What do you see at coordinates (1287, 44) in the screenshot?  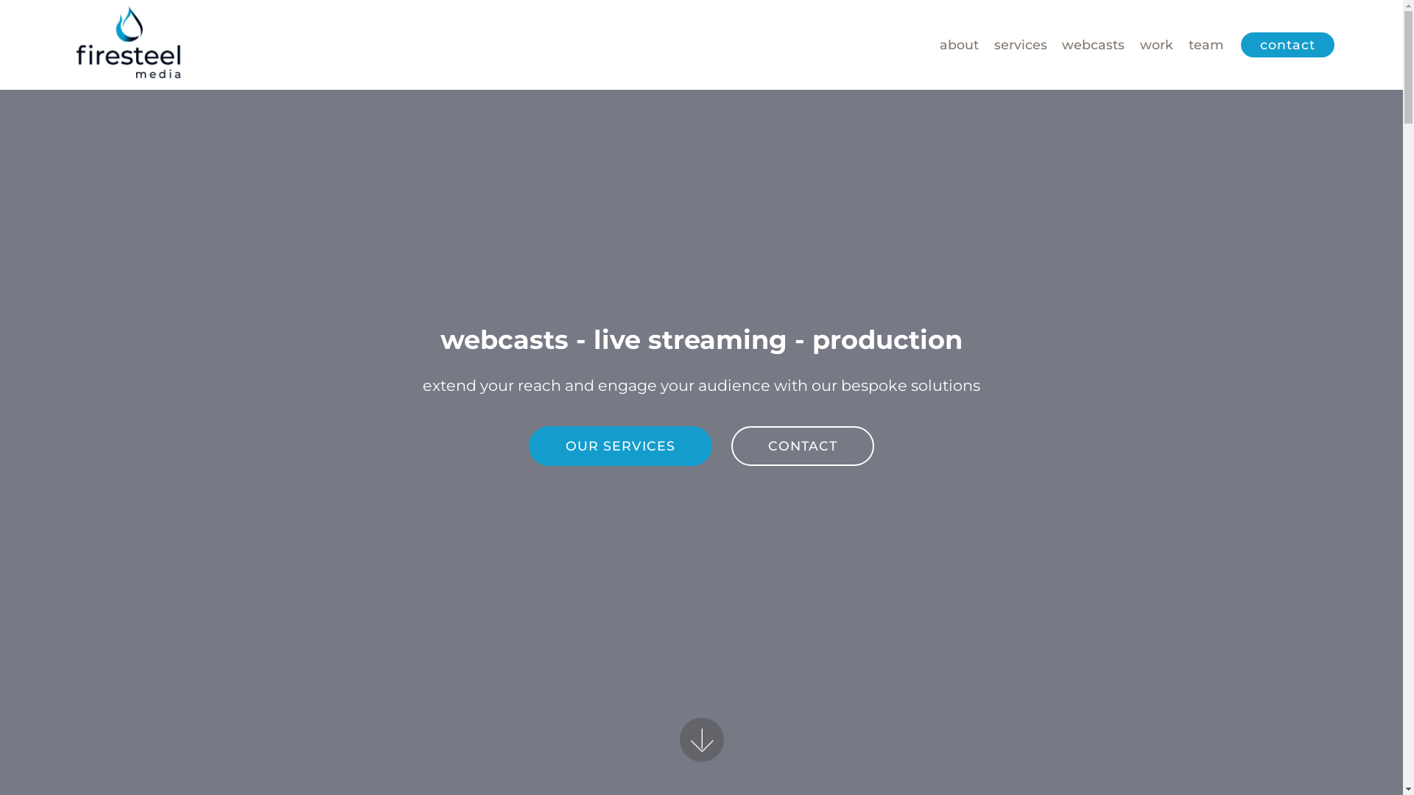 I see `'contact'` at bounding box center [1287, 44].